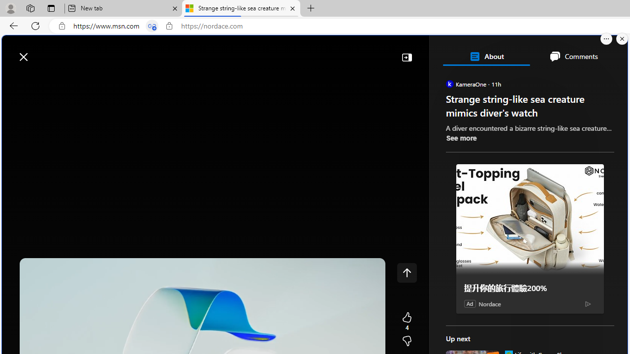  I want to click on 'Open settings', so click(605, 52).